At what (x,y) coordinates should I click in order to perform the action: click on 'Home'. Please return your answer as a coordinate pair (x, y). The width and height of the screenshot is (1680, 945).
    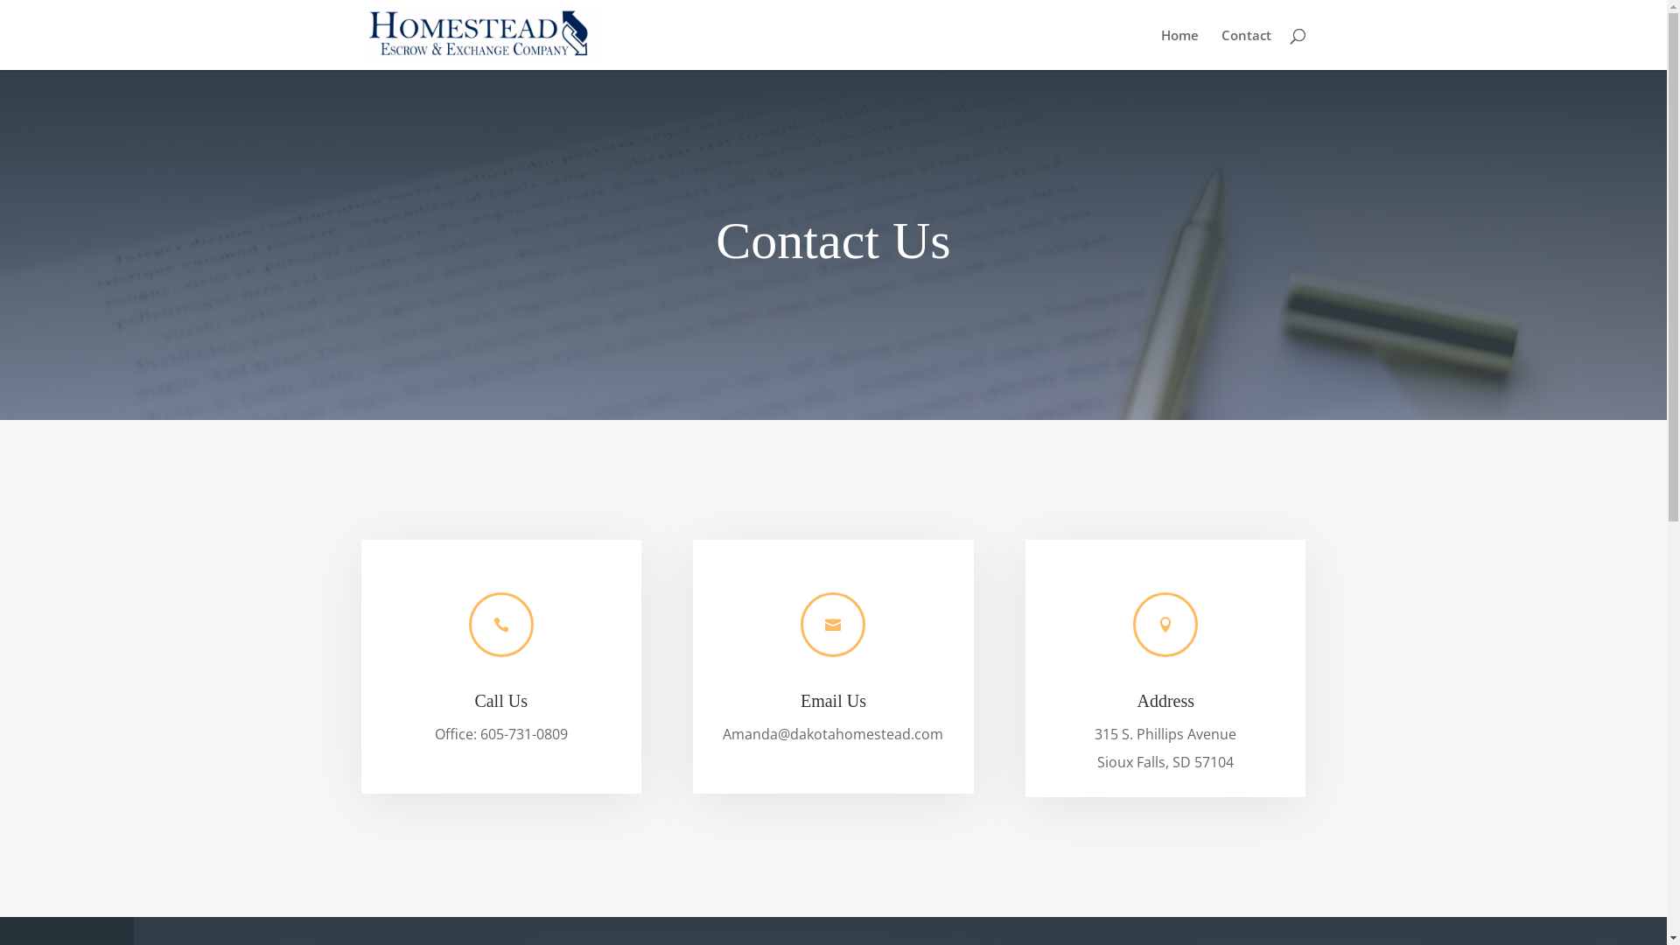
    Looking at the image, I should click on (1179, 48).